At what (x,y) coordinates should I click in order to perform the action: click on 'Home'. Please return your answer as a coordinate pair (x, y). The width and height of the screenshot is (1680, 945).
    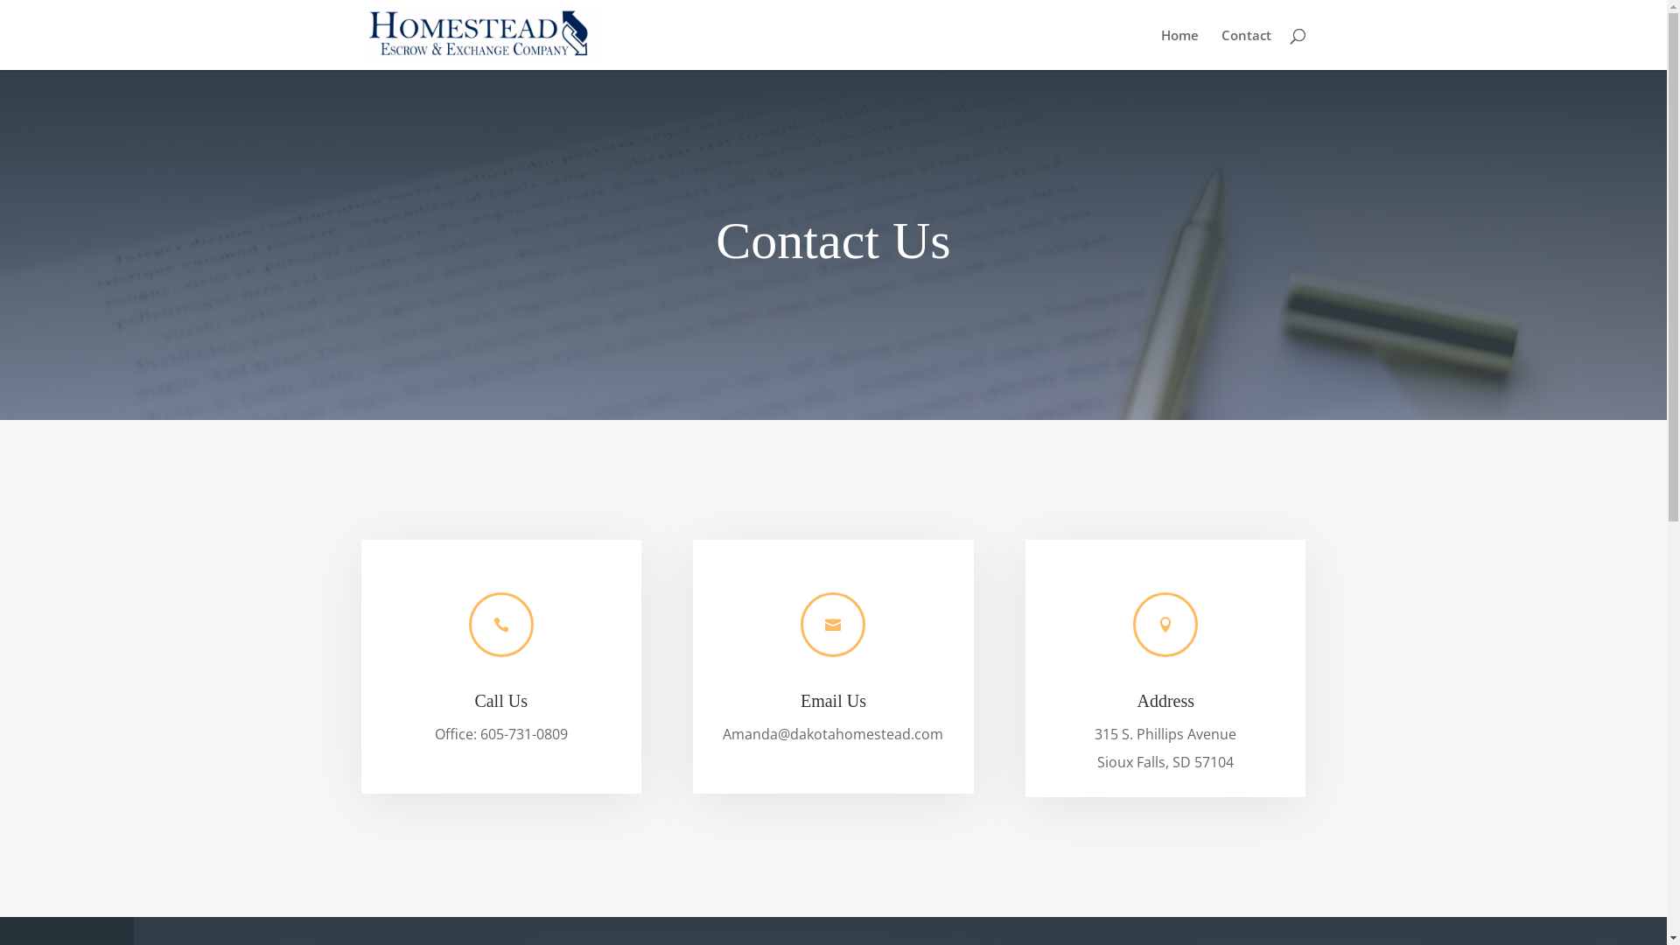
    Looking at the image, I should click on (1179, 48).